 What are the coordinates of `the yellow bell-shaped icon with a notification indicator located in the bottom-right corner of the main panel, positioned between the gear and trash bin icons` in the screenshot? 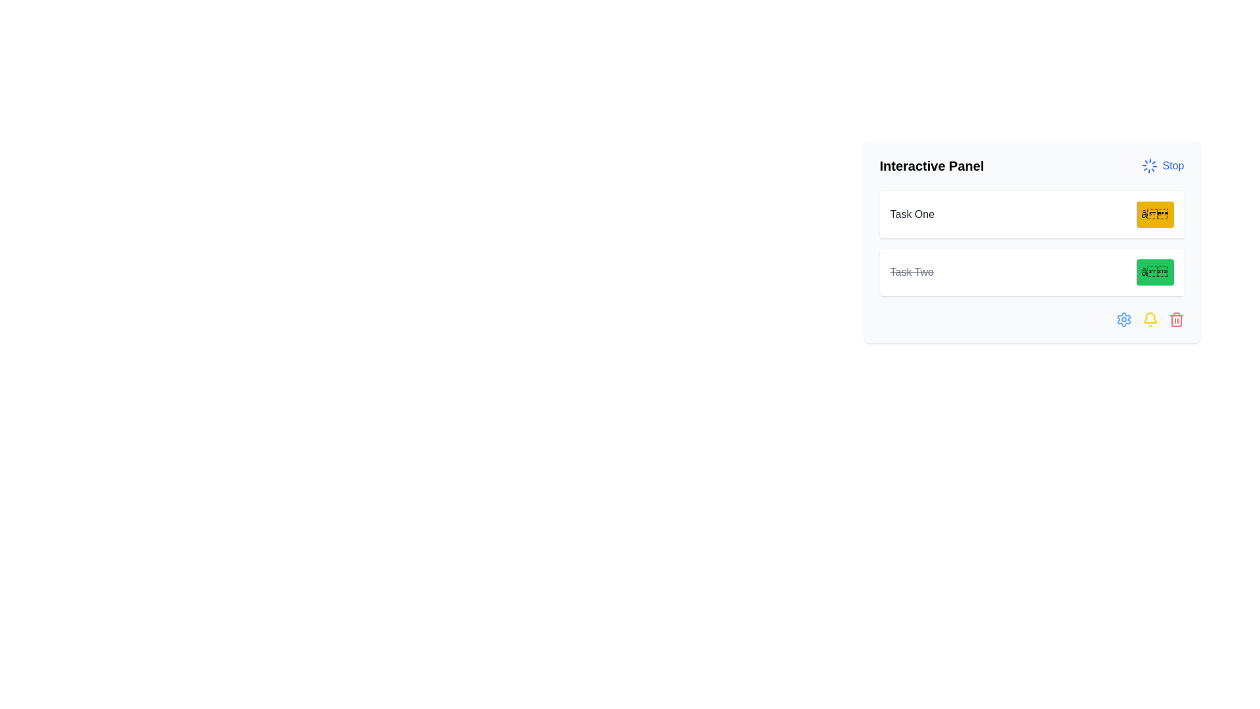 It's located at (1149, 319).